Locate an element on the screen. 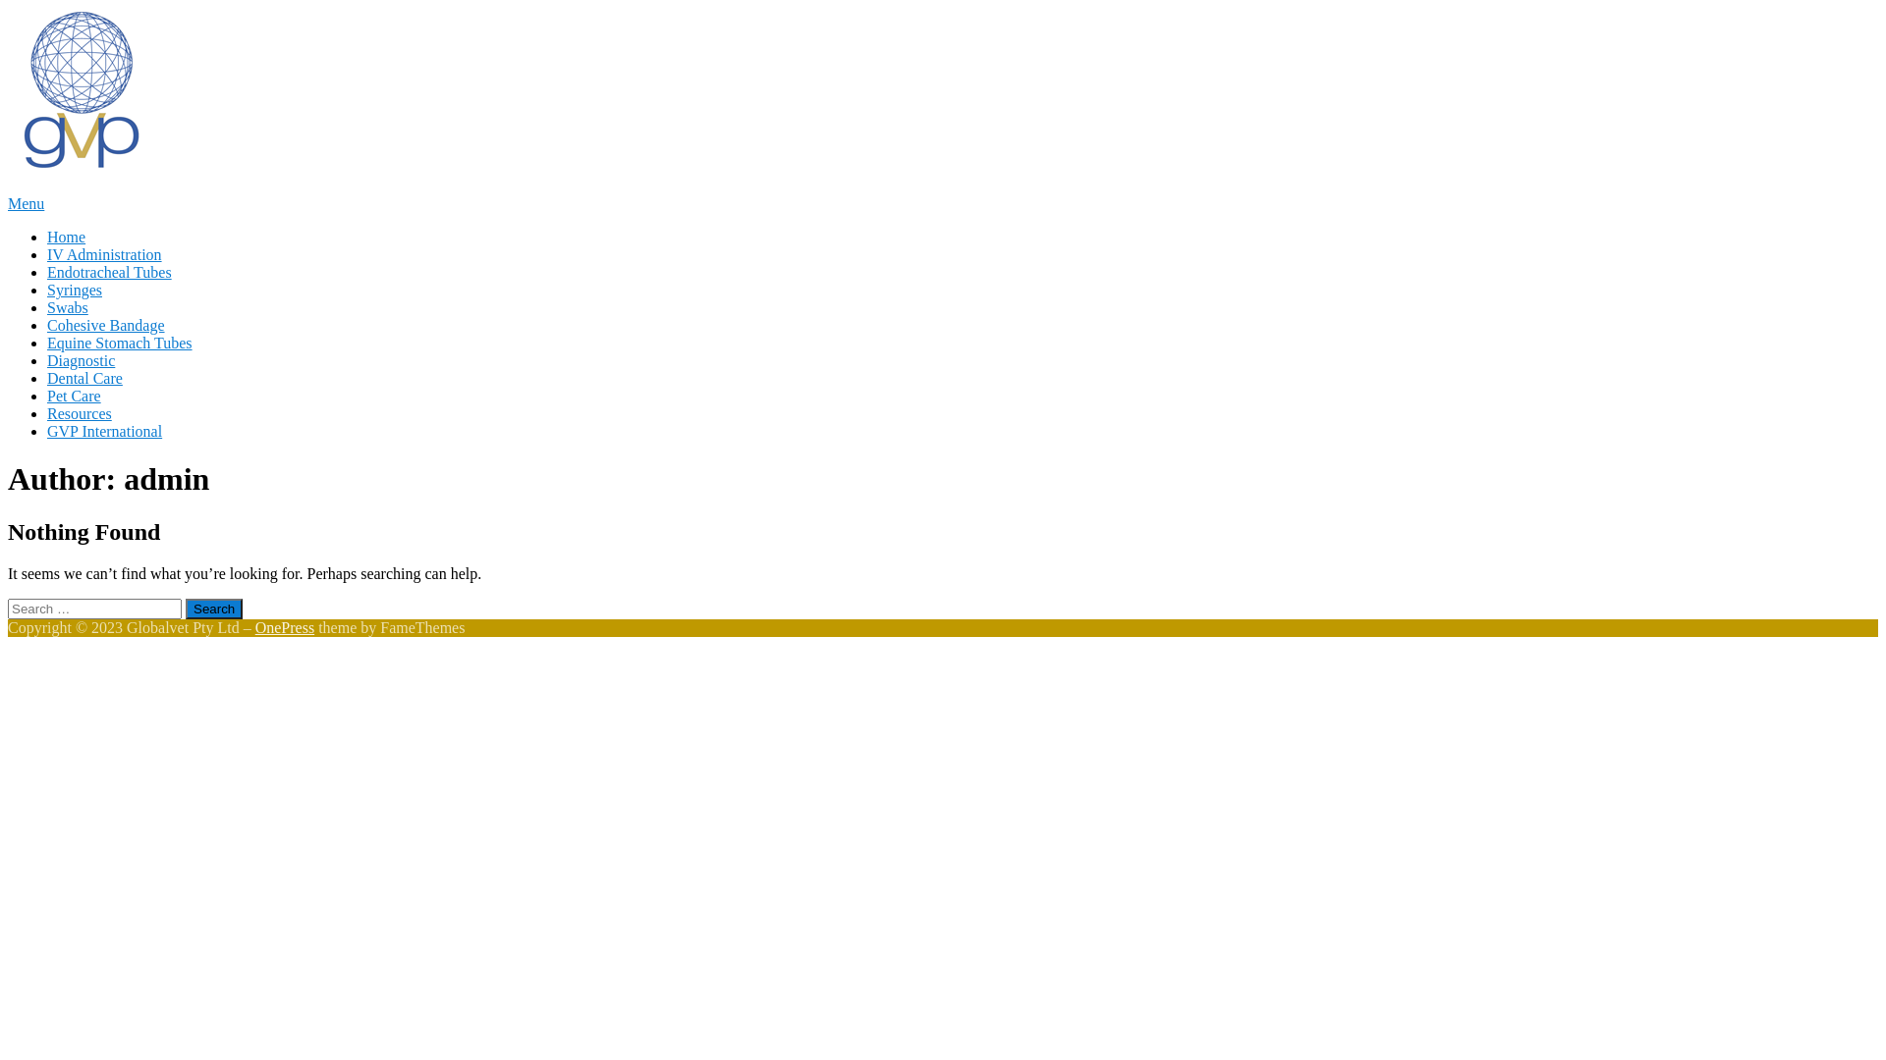 The width and height of the screenshot is (1886, 1060). 'OnePress' is located at coordinates (283, 627).